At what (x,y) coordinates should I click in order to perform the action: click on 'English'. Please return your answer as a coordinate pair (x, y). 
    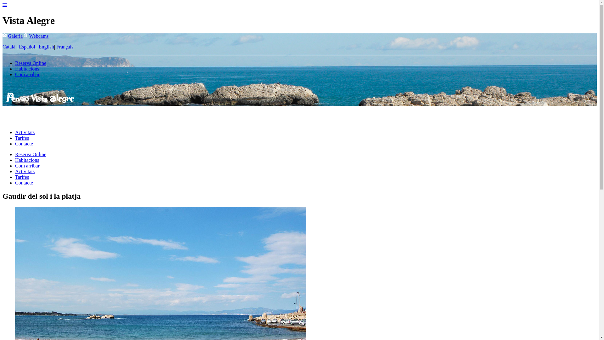
    Looking at the image, I should click on (46, 46).